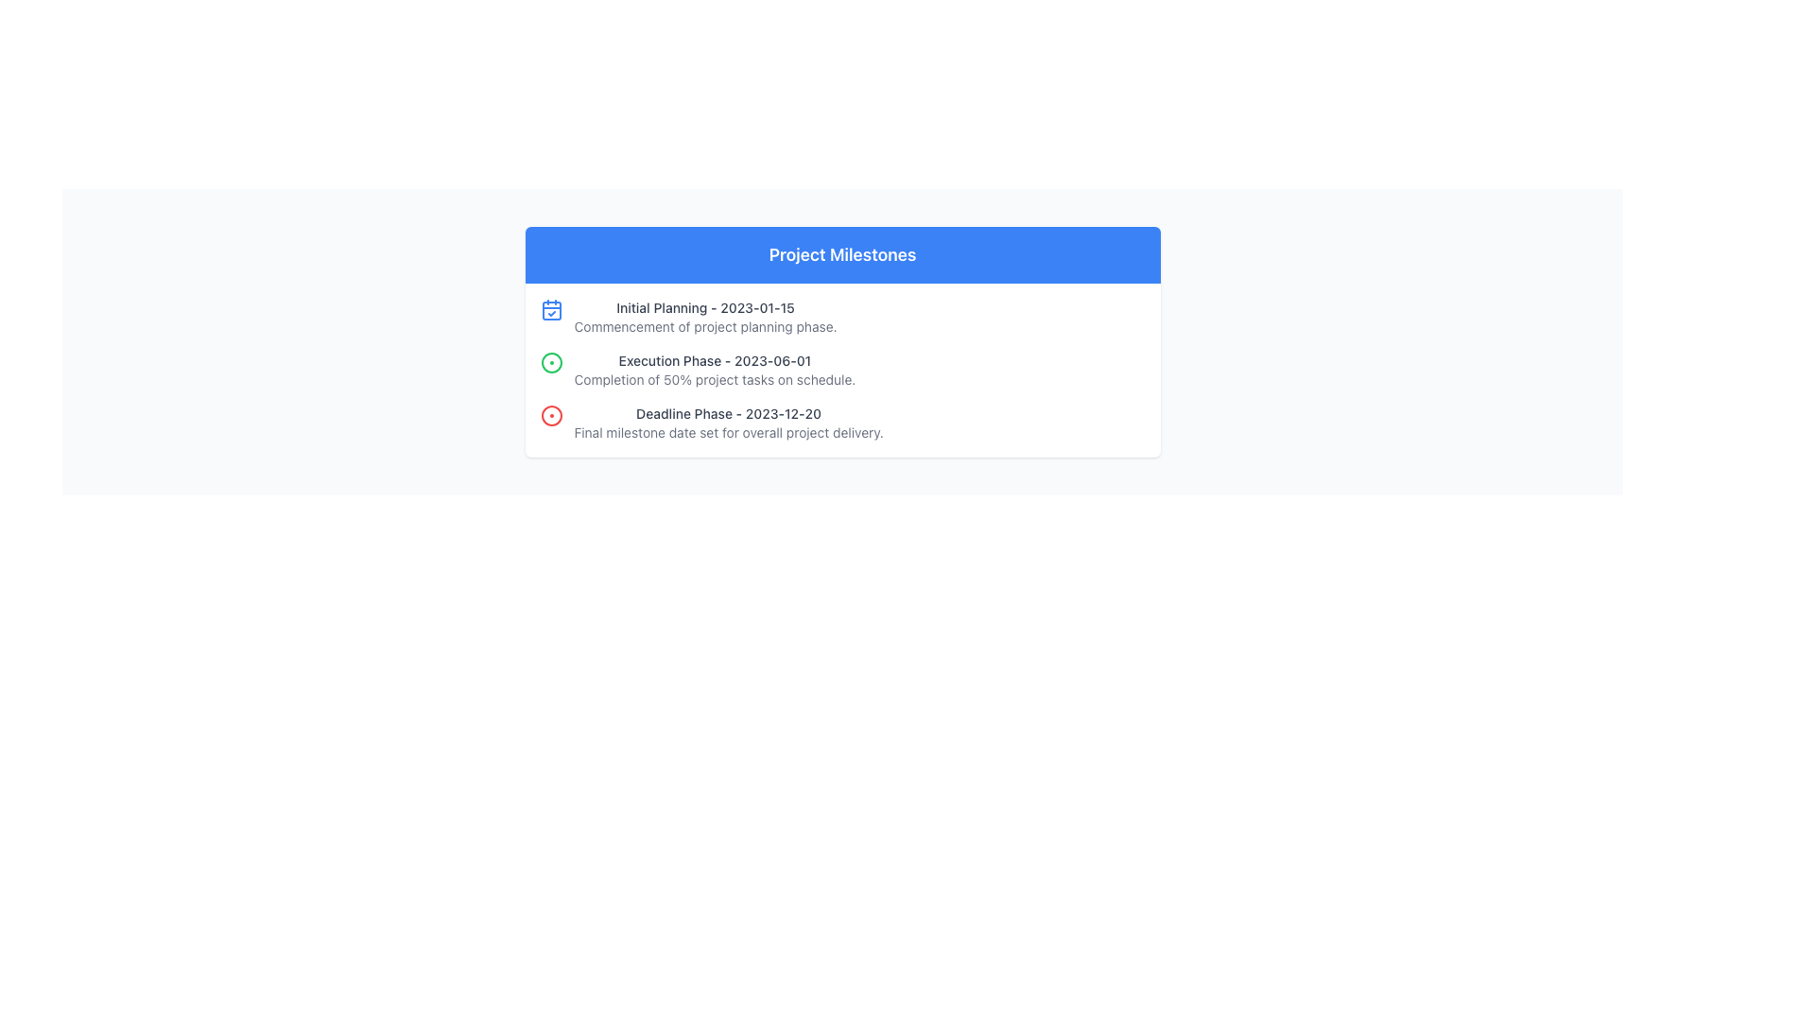  I want to click on the text block displaying 'Execution Phase - 2023-06-01' and 'Completion of 50% project tasks on schedule' in the 'Project Milestones' card, so click(714, 371).